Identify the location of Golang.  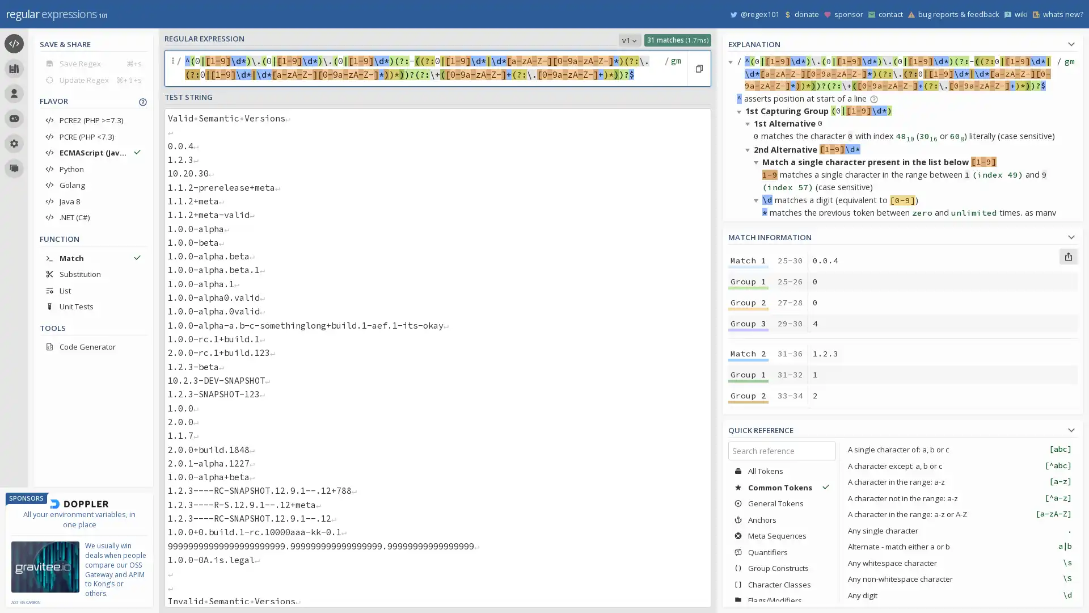
(93, 184).